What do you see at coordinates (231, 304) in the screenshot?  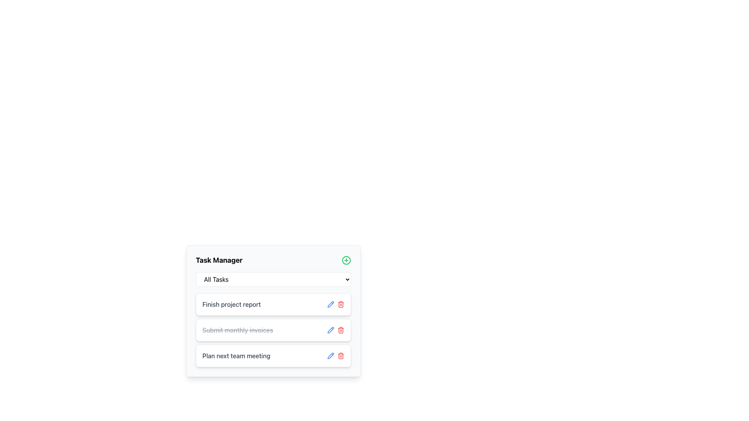 I see `the static label indicating the task name in the task manager interface, located between 'Submit monthly invoices' and 'Plan next team meeting'` at bounding box center [231, 304].